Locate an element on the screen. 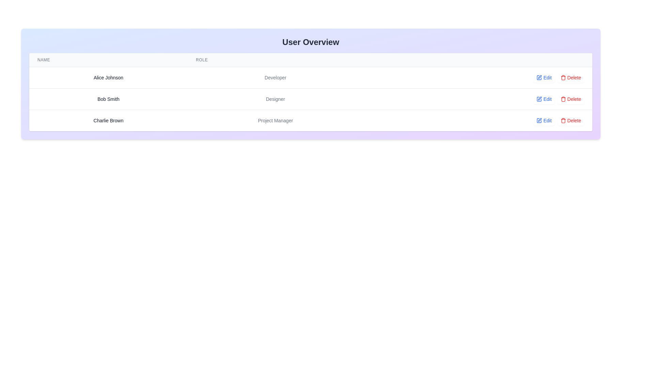 This screenshot has width=654, height=368. the delete icon located to the left of the 'Delete' text within the delete button in the last column of the user data table is located at coordinates (563, 77).